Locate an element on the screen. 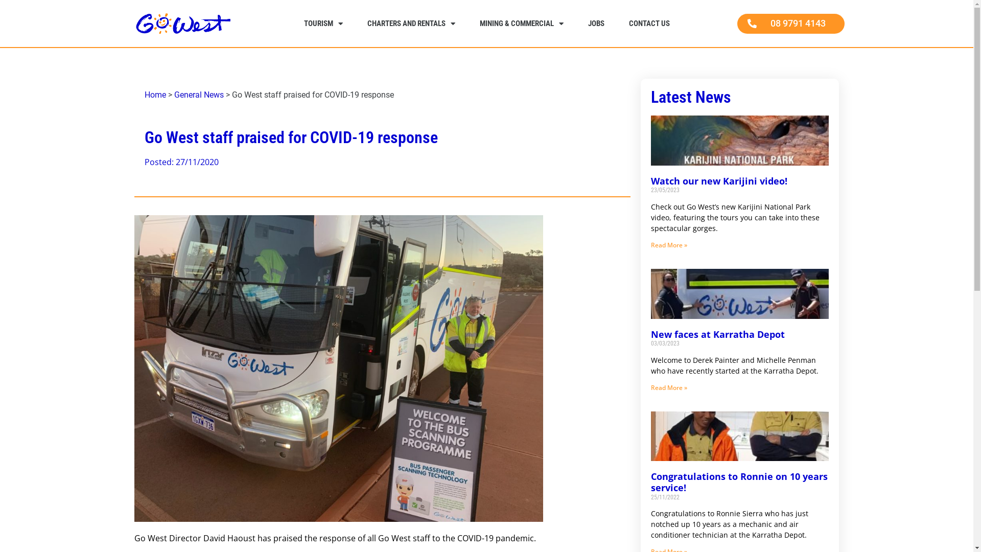  'General News' is located at coordinates (198, 95).